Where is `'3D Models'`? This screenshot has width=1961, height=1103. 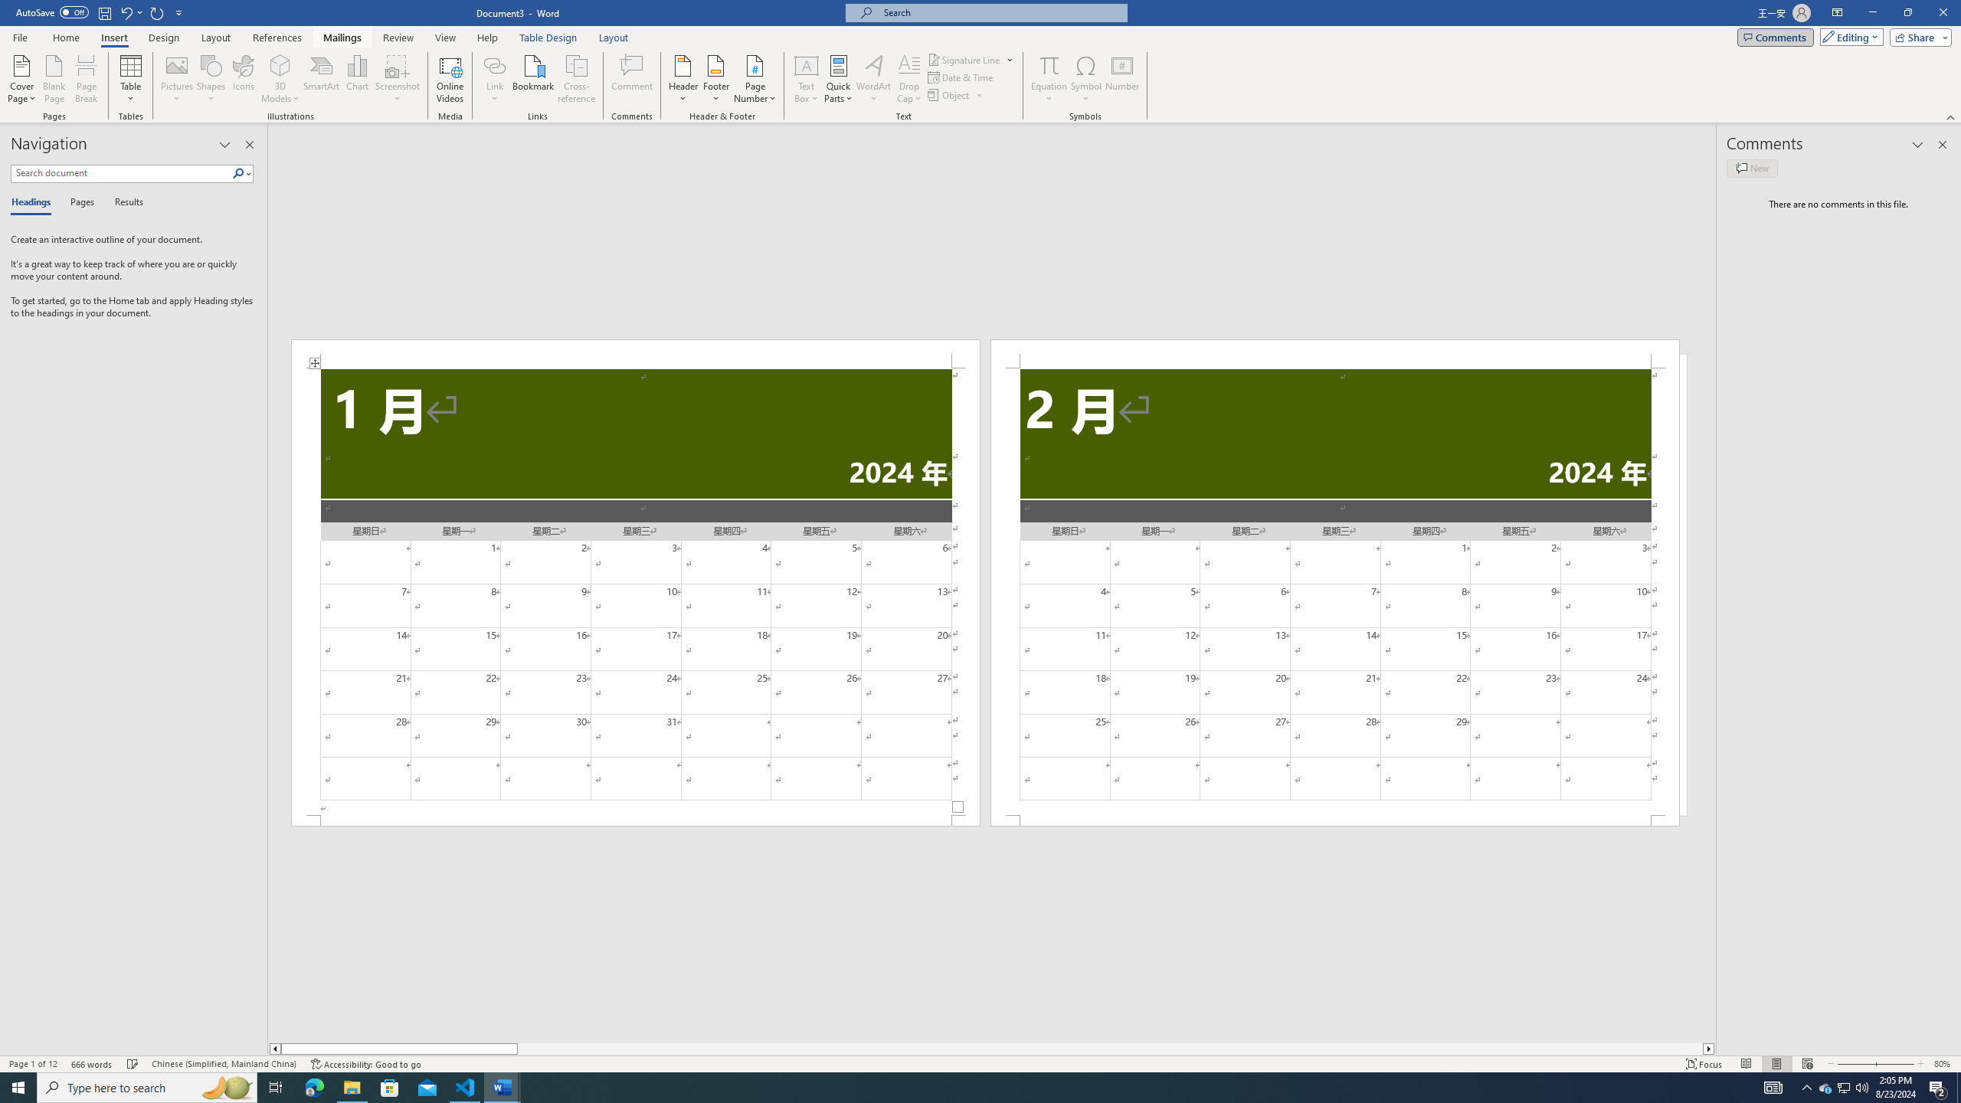 '3D Models' is located at coordinates (280, 79).